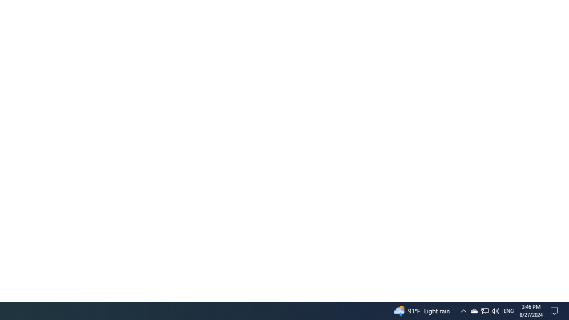 The image size is (569, 320). I want to click on 'Action Center, No new notifications', so click(556, 310).